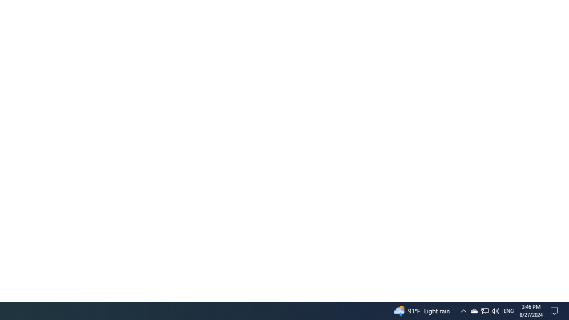 The image size is (569, 320). I want to click on 'Action Center, No new notifications', so click(556, 310).